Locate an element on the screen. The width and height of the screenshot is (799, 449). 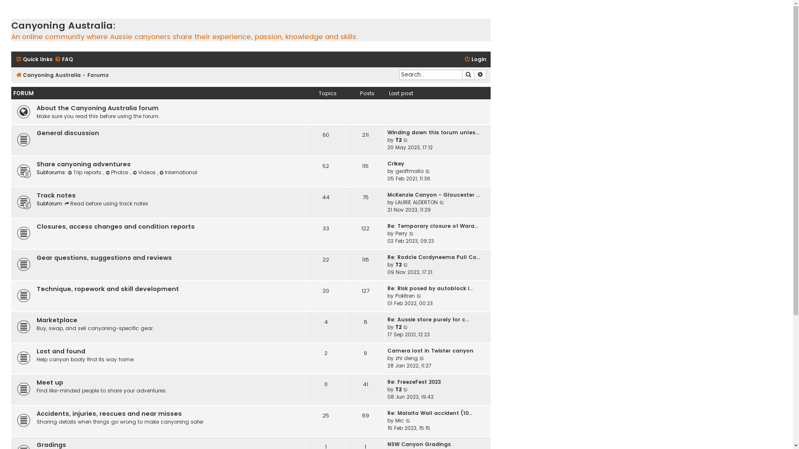
'Forums' is located at coordinates (98, 75).